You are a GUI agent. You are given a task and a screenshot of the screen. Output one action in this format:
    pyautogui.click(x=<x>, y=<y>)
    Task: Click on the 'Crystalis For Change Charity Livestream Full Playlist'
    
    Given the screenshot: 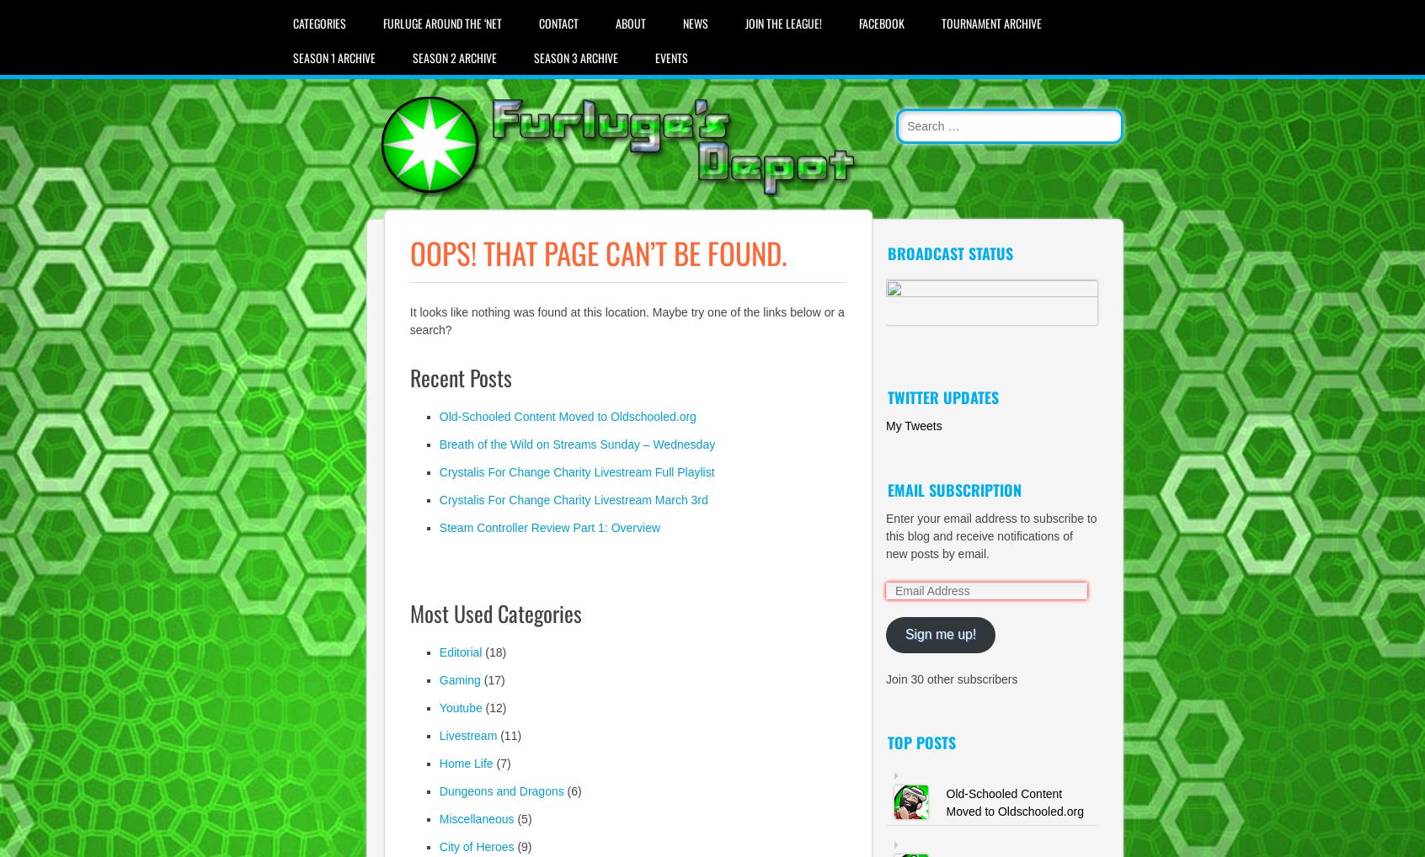 What is the action you would take?
    pyautogui.click(x=576, y=471)
    